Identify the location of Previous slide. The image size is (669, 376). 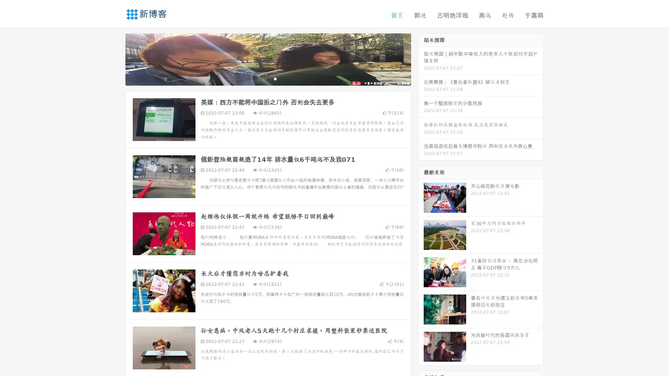
(115, 58).